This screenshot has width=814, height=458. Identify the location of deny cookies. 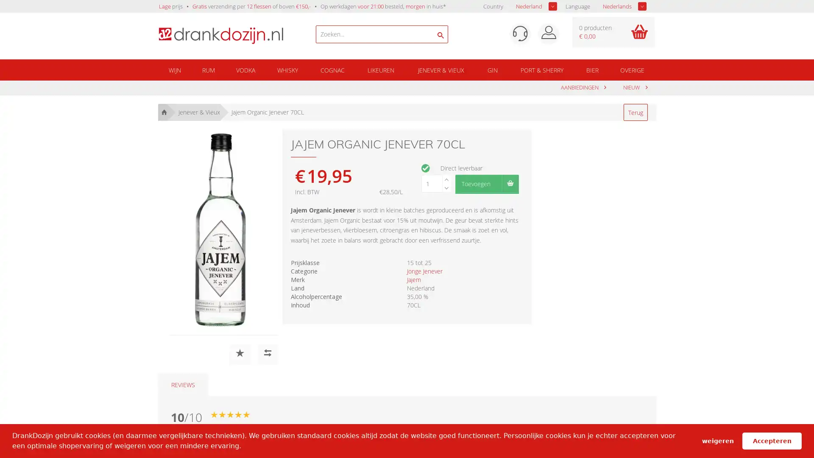
(717, 440).